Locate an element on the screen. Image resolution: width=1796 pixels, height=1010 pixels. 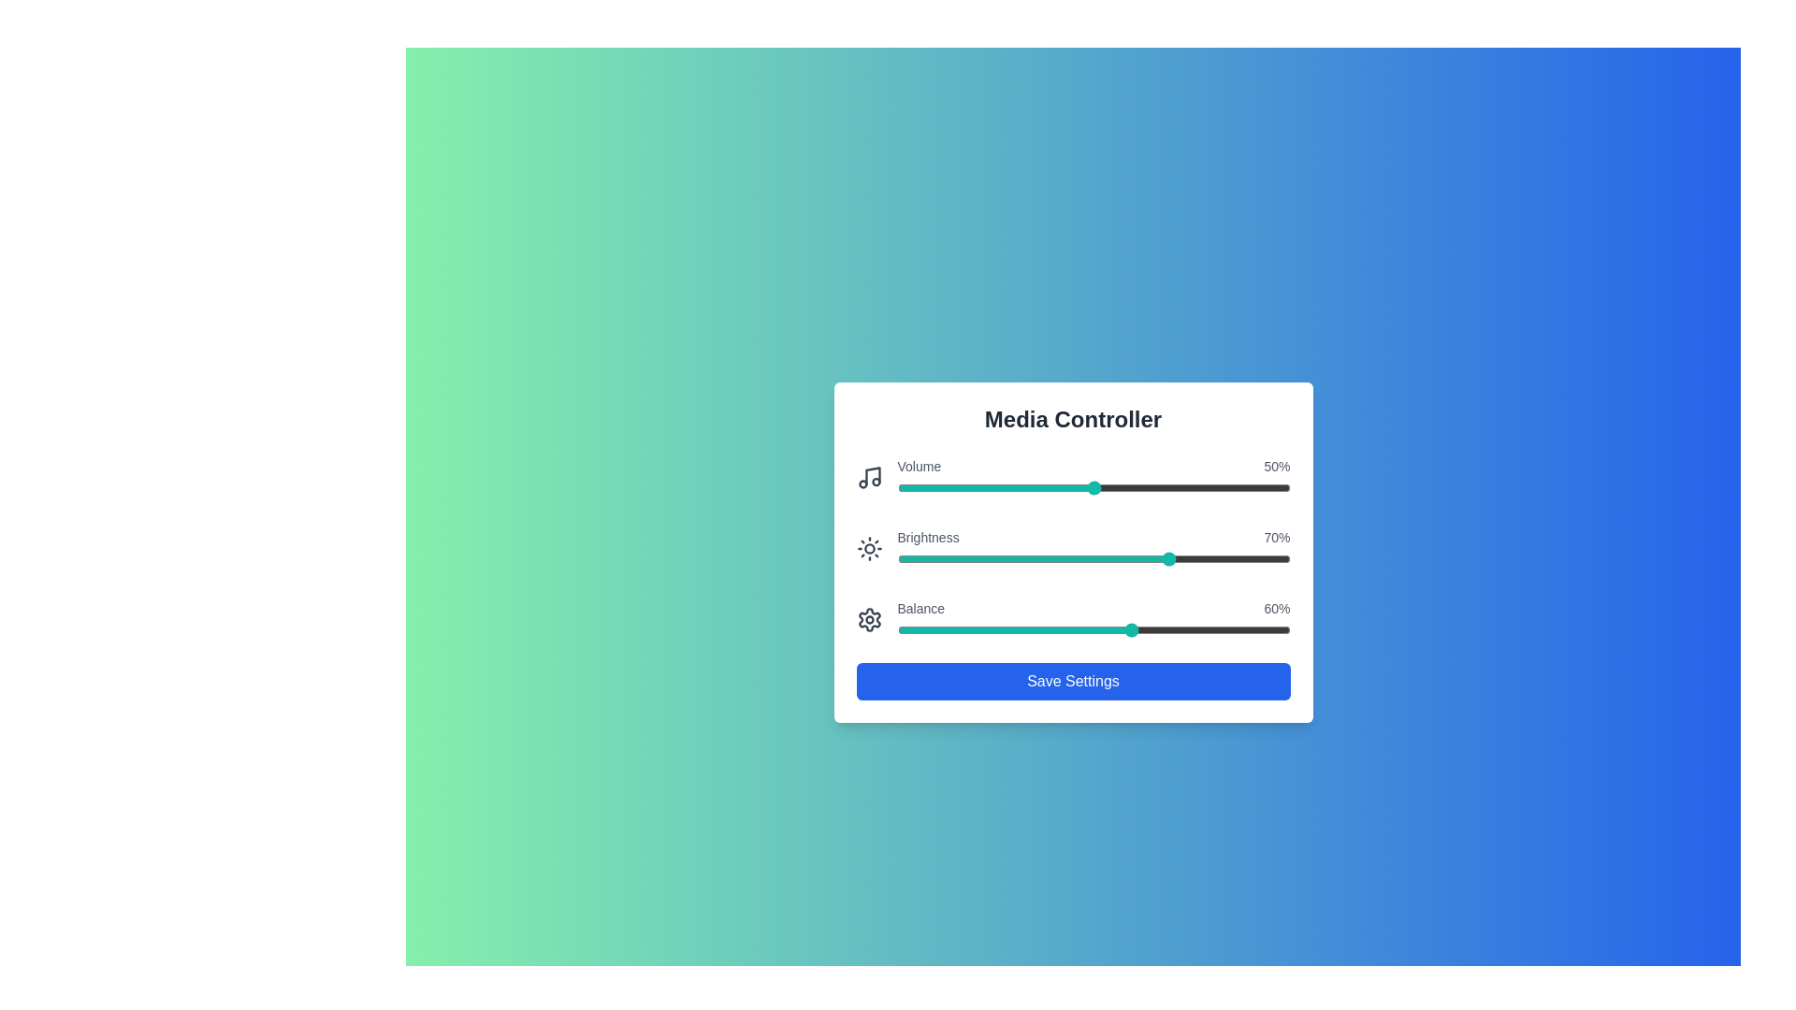
the volume slider to 52% by dragging the slider handle is located at coordinates (1101, 486).